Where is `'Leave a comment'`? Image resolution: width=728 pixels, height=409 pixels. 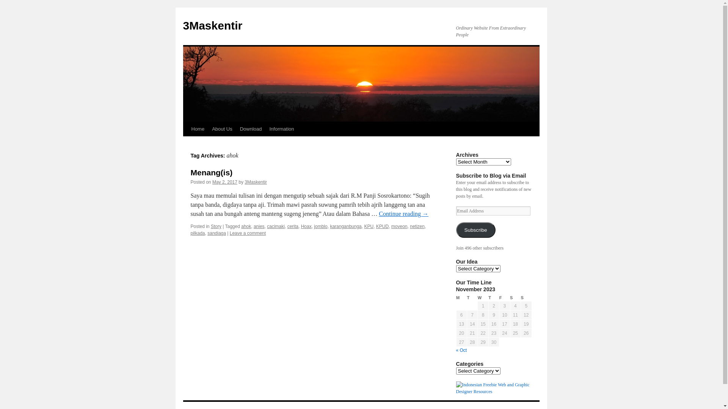 'Leave a comment' is located at coordinates (248, 233).